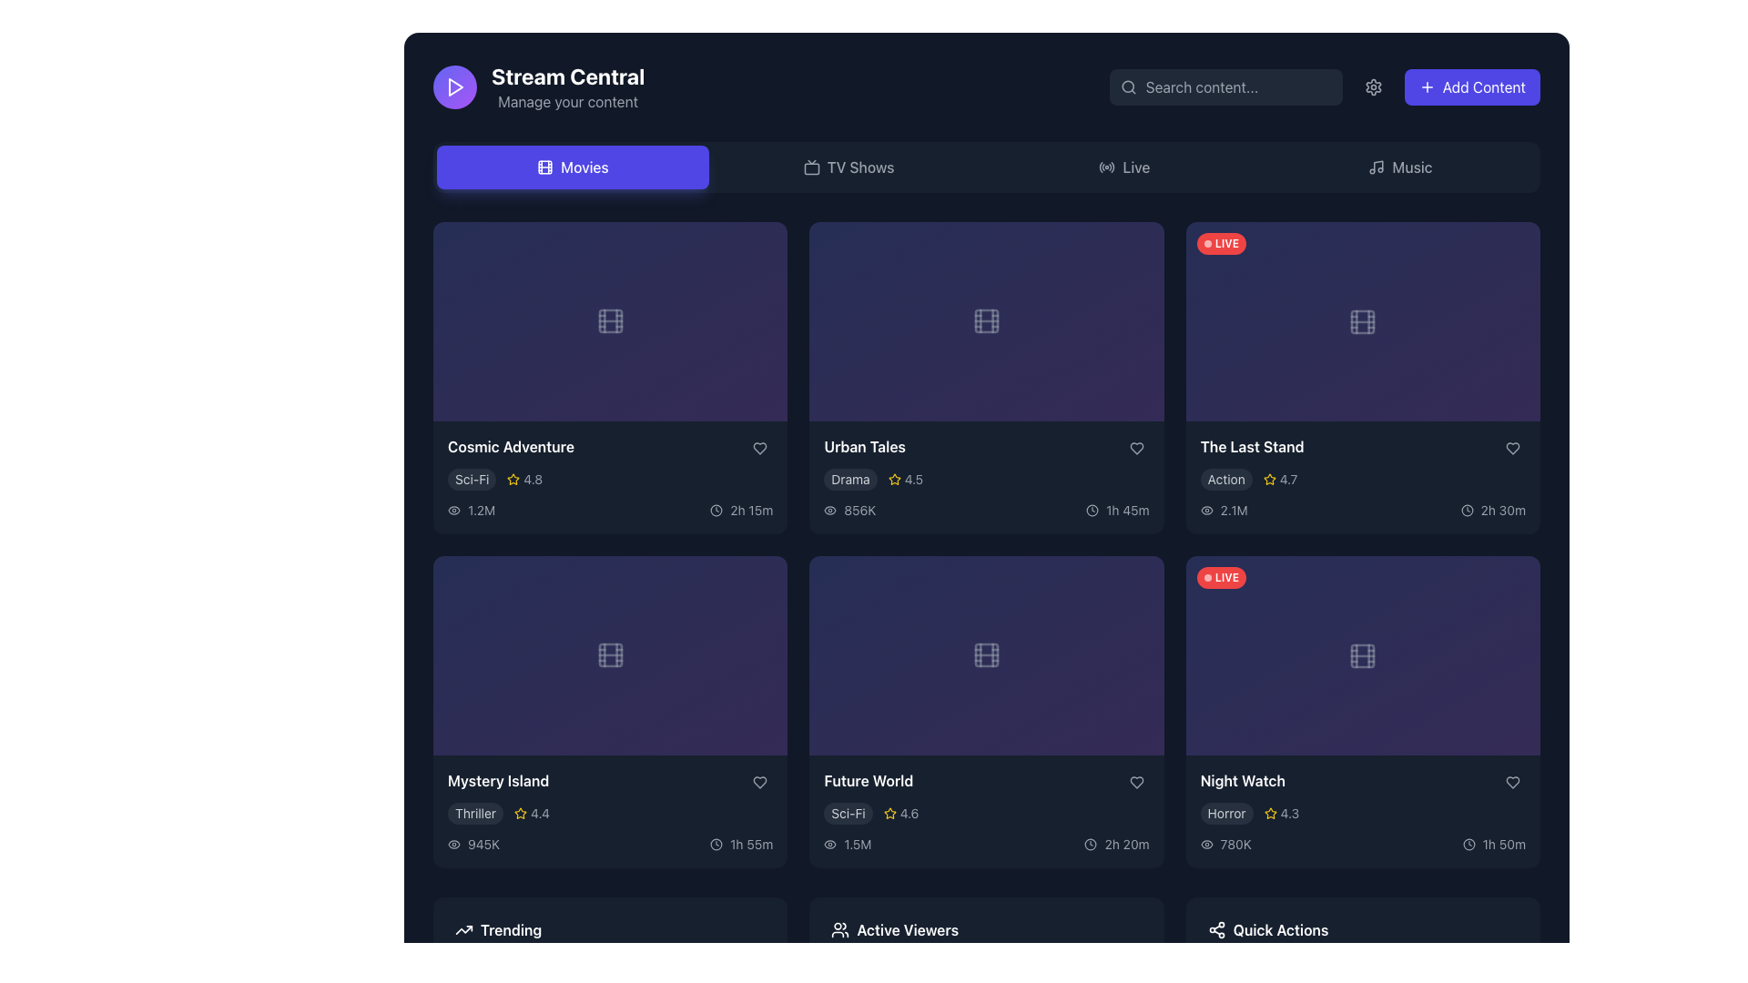 The width and height of the screenshot is (1748, 983). What do you see at coordinates (455, 87) in the screenshot?
I see `the circular icon in the top-left segment of the application interface near the title 'Stream Central', which likely indicates video playback or streaming functionality` at bounding box center [455, 87].